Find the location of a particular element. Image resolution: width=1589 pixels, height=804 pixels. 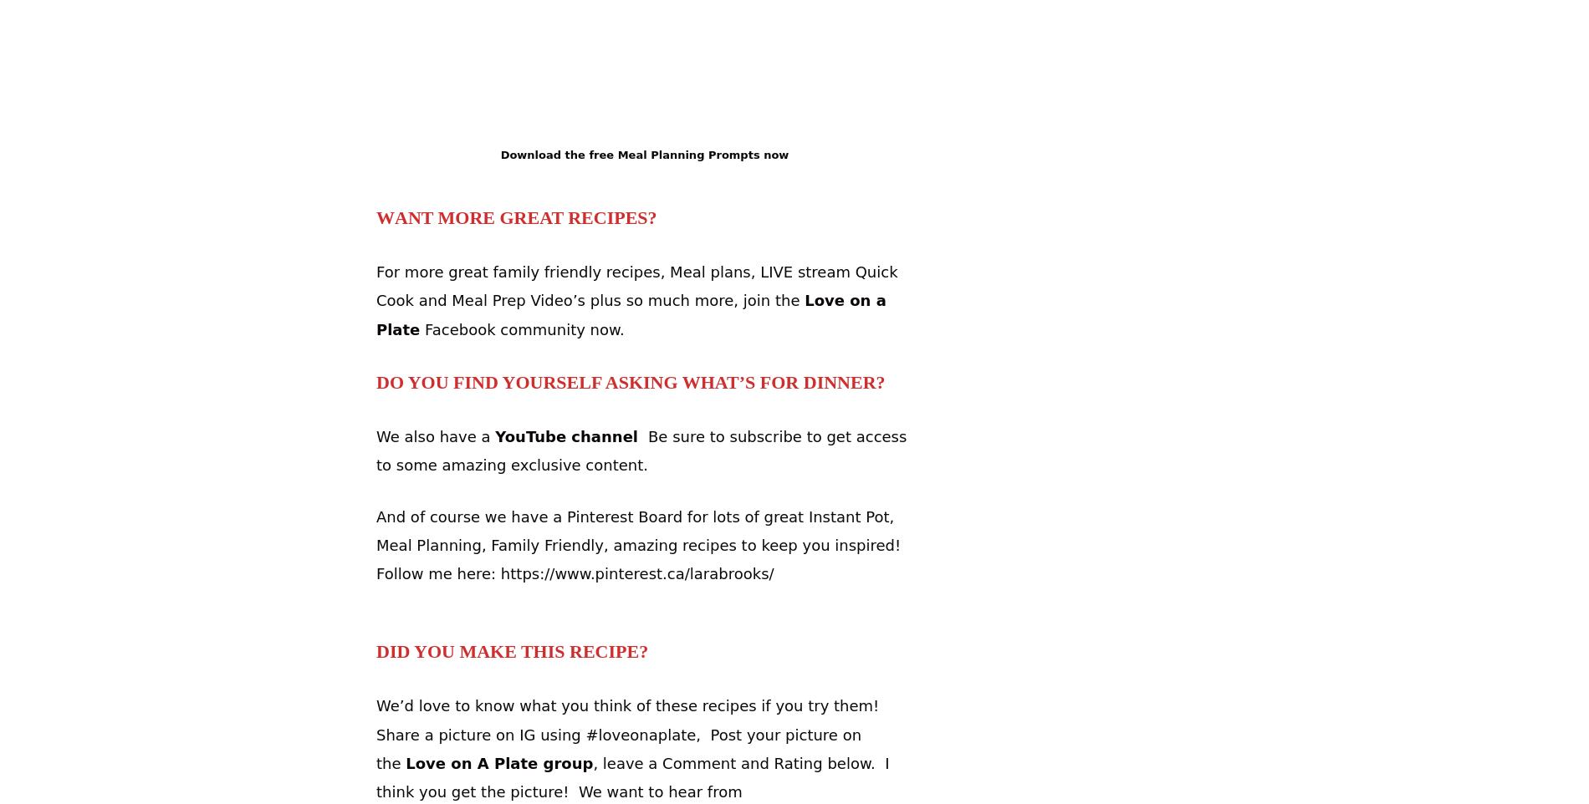

'YouTube channel' is located at coordinates (569, 435).